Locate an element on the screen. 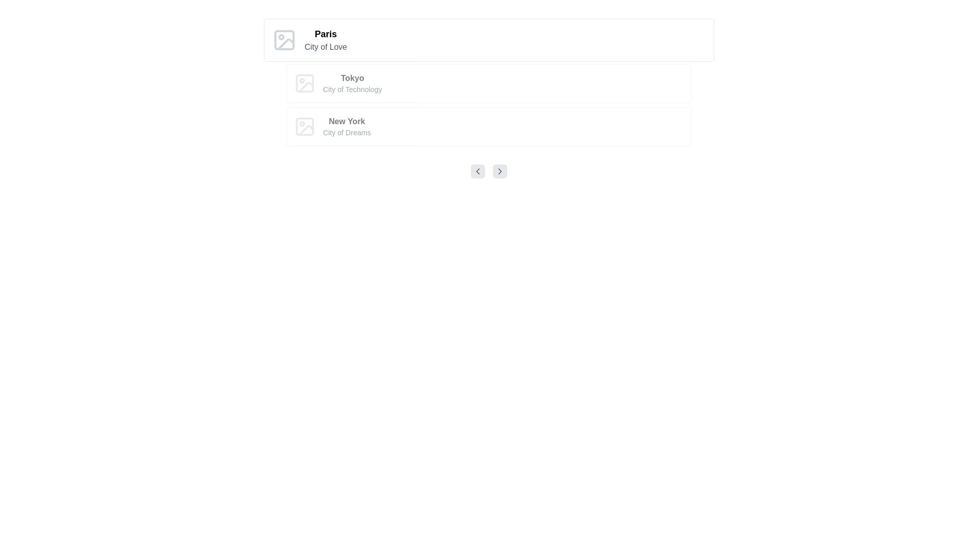 The image size is (965, 543). the right arrow of the Carousel navigation control located below the city items ('Paris', 'Tokyo', and 'New York') is located at coordinates (489, 170).